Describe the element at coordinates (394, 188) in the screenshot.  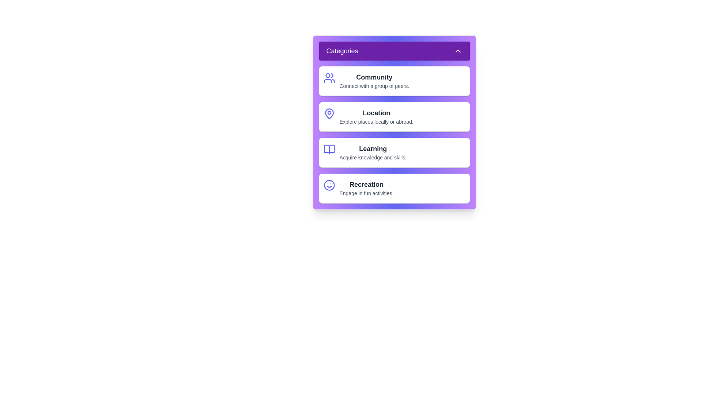
I see `the category item Recreation to observe the visual effect` at that location.